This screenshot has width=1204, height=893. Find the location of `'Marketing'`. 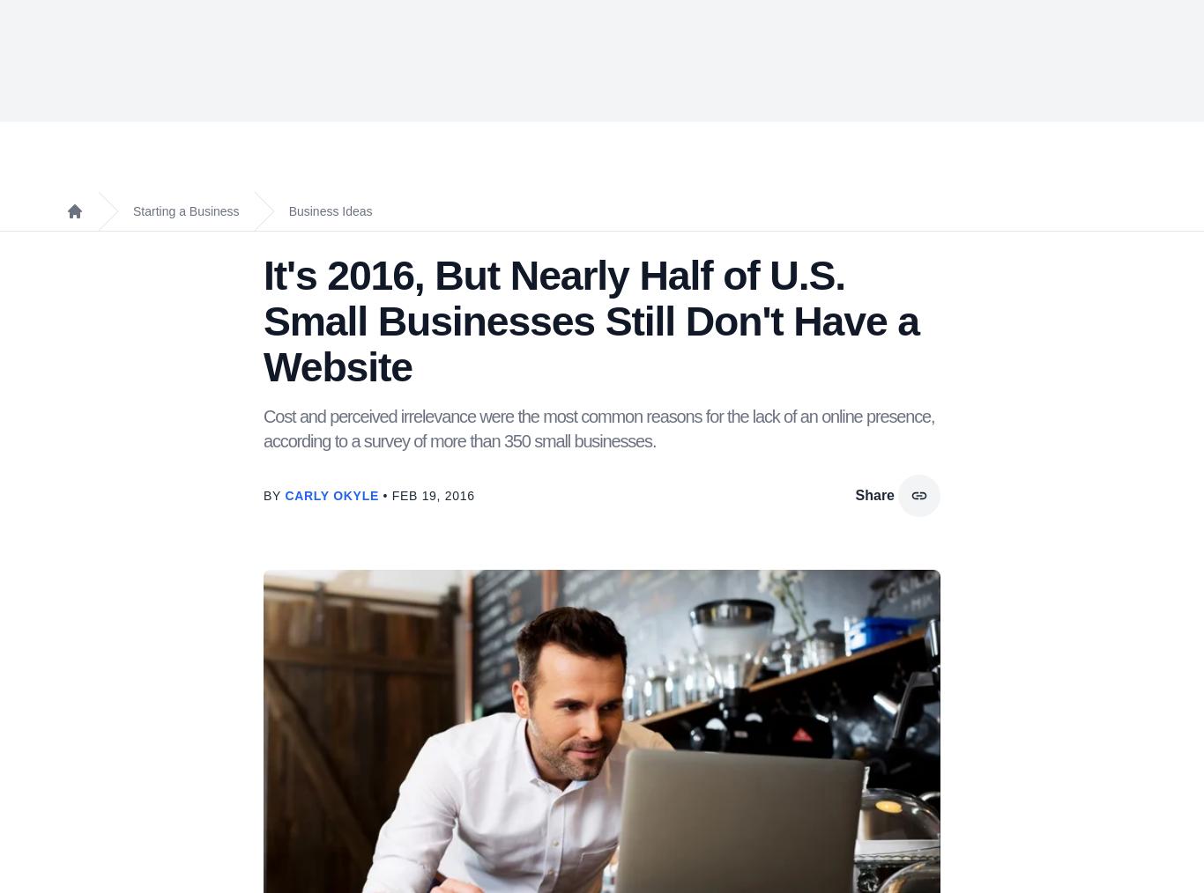

'Marketing' is located at coordinates (368, 76).